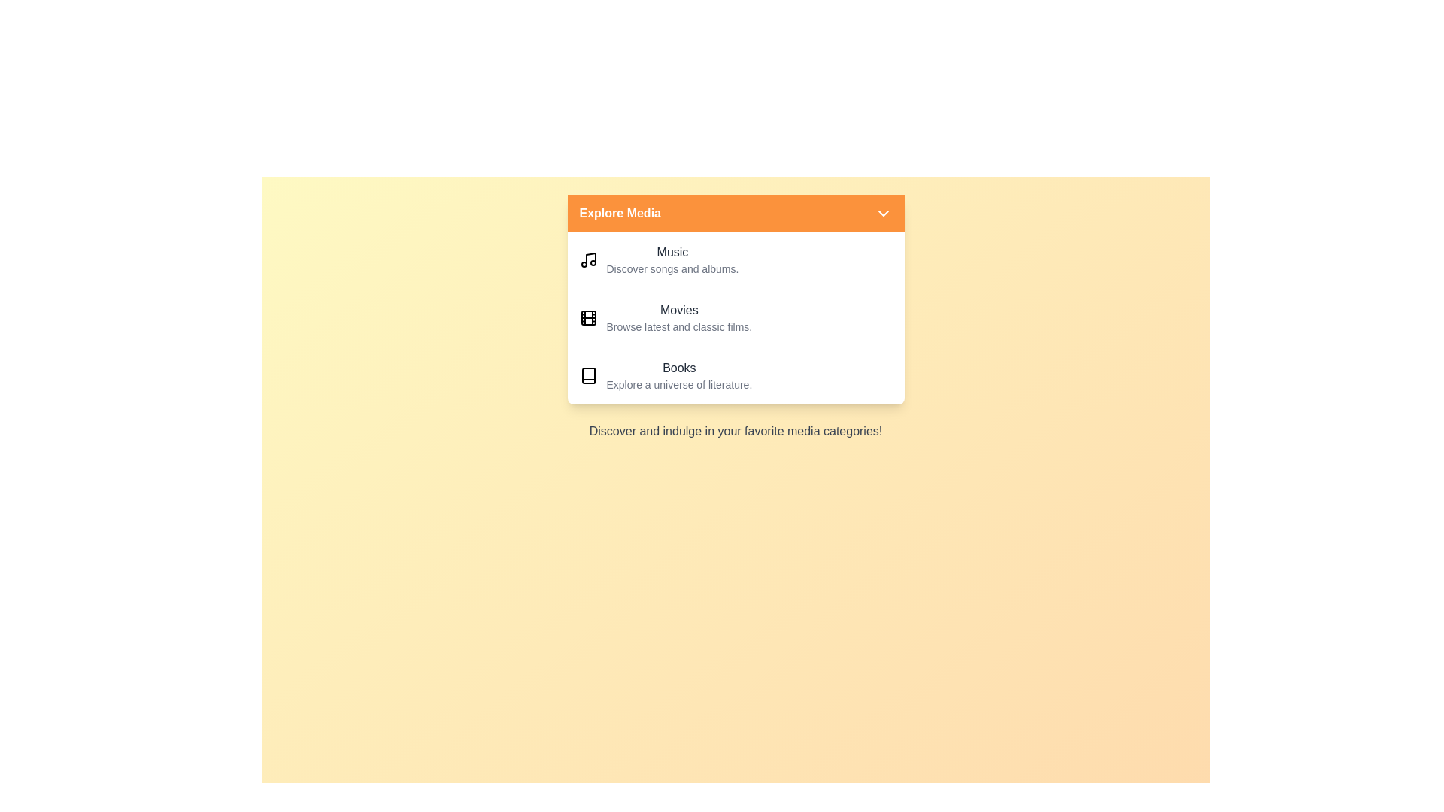  What do you see at coordinates (587, 317) in the screenshot?
I see `the icon representing the Movies category` at bounding box center [587, 317].